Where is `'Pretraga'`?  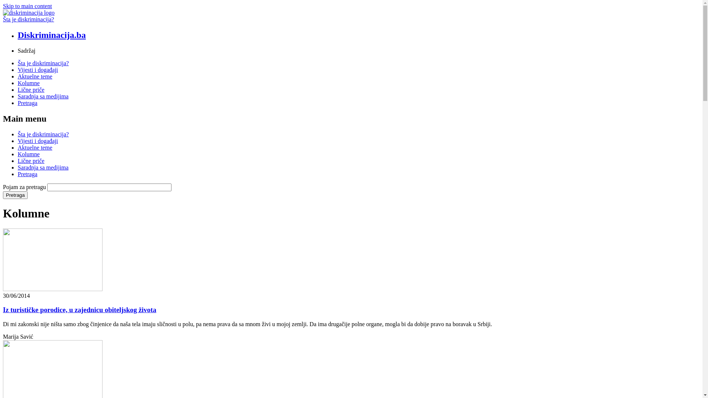 'Pretraga' is located at coordinates (27, 103).